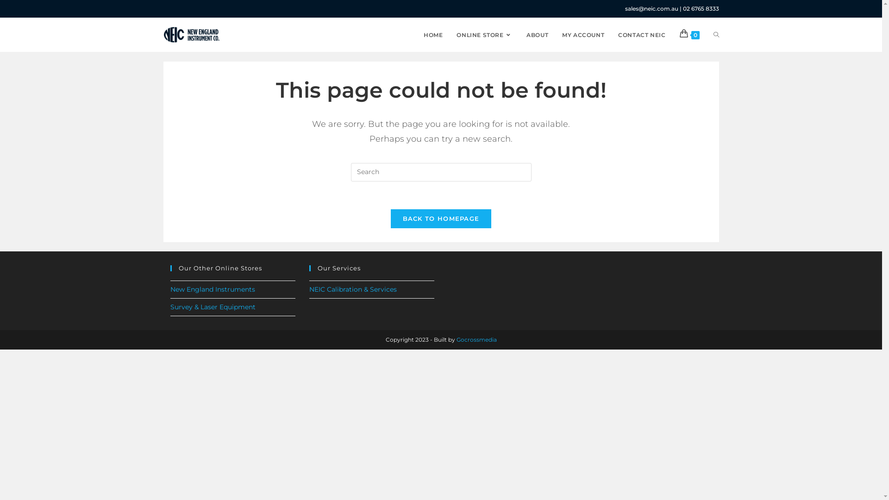 This screenshot has width=889, height=500. I want to click on 'sales@neic.com.au', so click(651, 8).